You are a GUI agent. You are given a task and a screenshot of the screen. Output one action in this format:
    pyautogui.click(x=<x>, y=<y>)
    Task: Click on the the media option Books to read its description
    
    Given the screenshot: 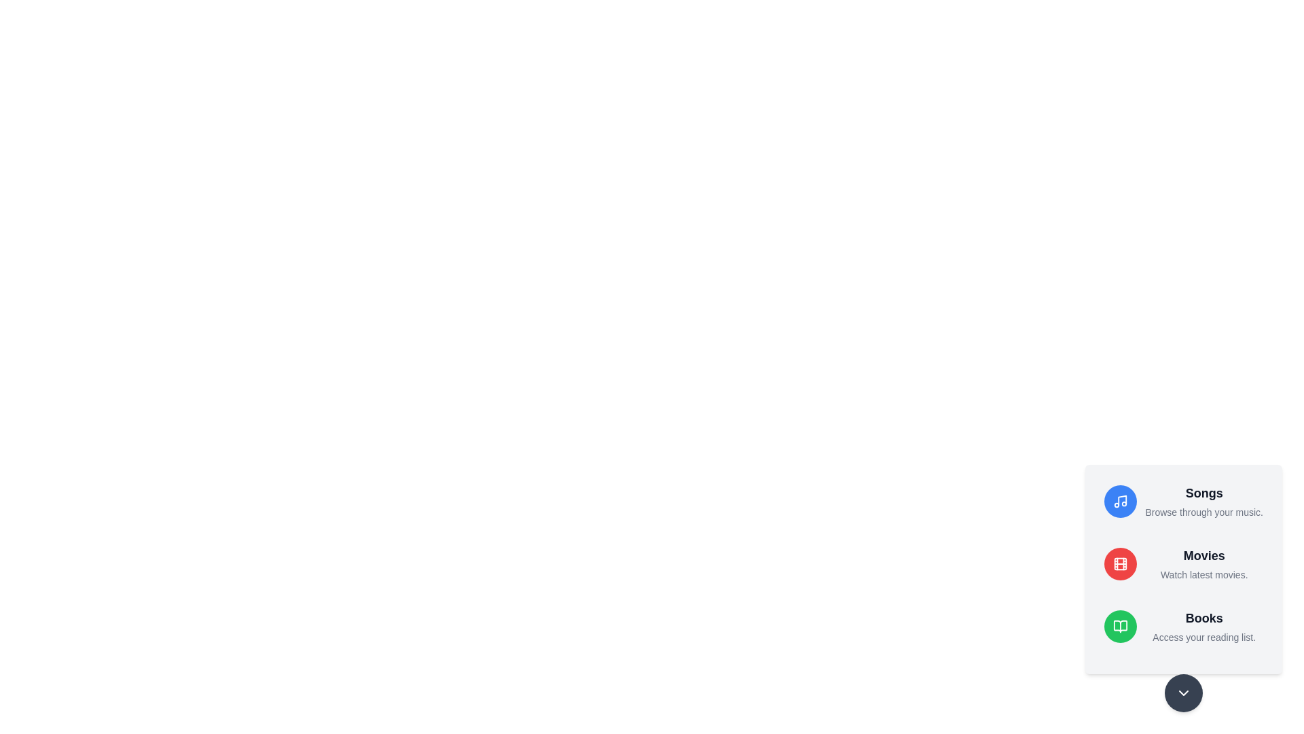 What is the action you would take?
    pyautogui.click(x=1182, y=626)
    